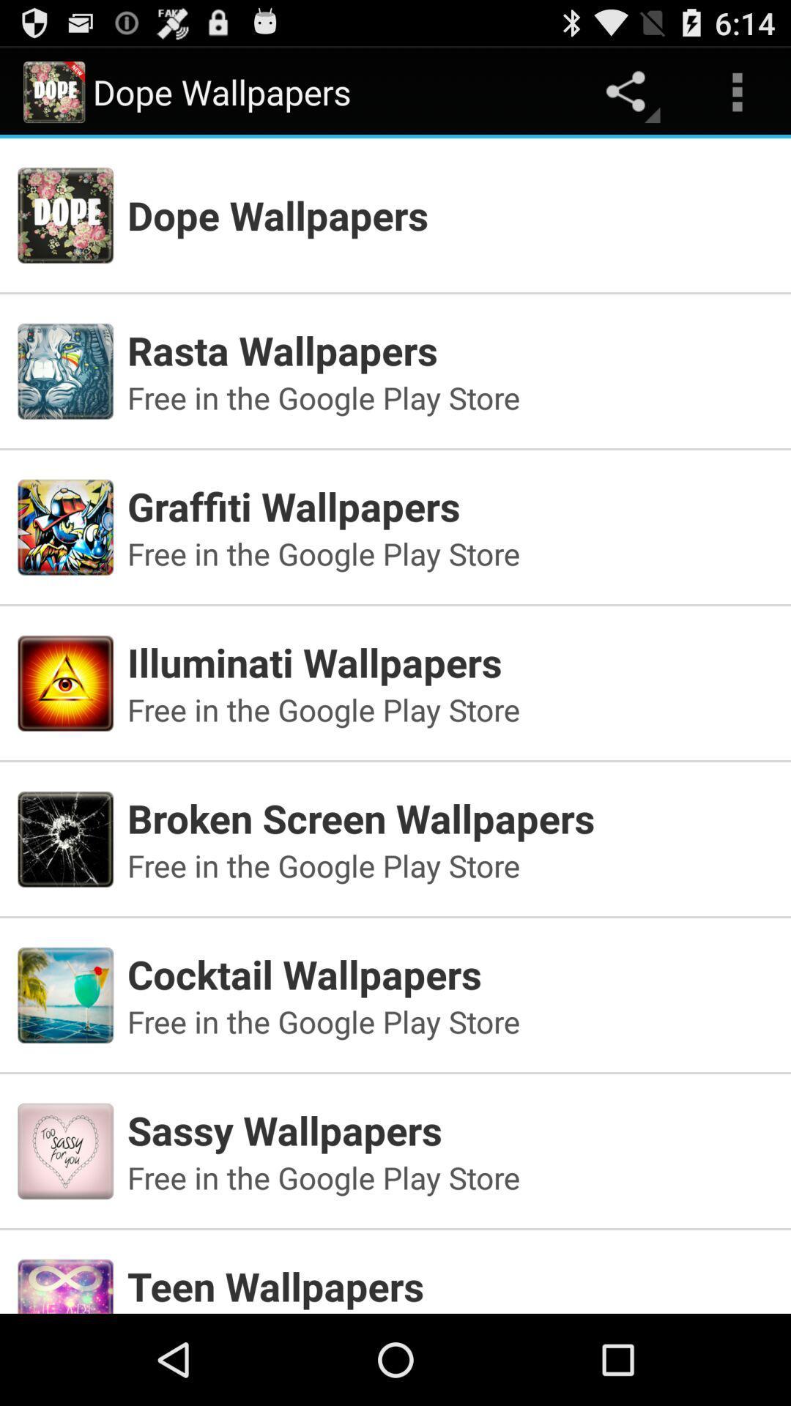 The height and width of the screenshot is (1406, 791). Describe the element at coordinates (395, 1265) in the screenshot. I see `see more info about this app` at that location.